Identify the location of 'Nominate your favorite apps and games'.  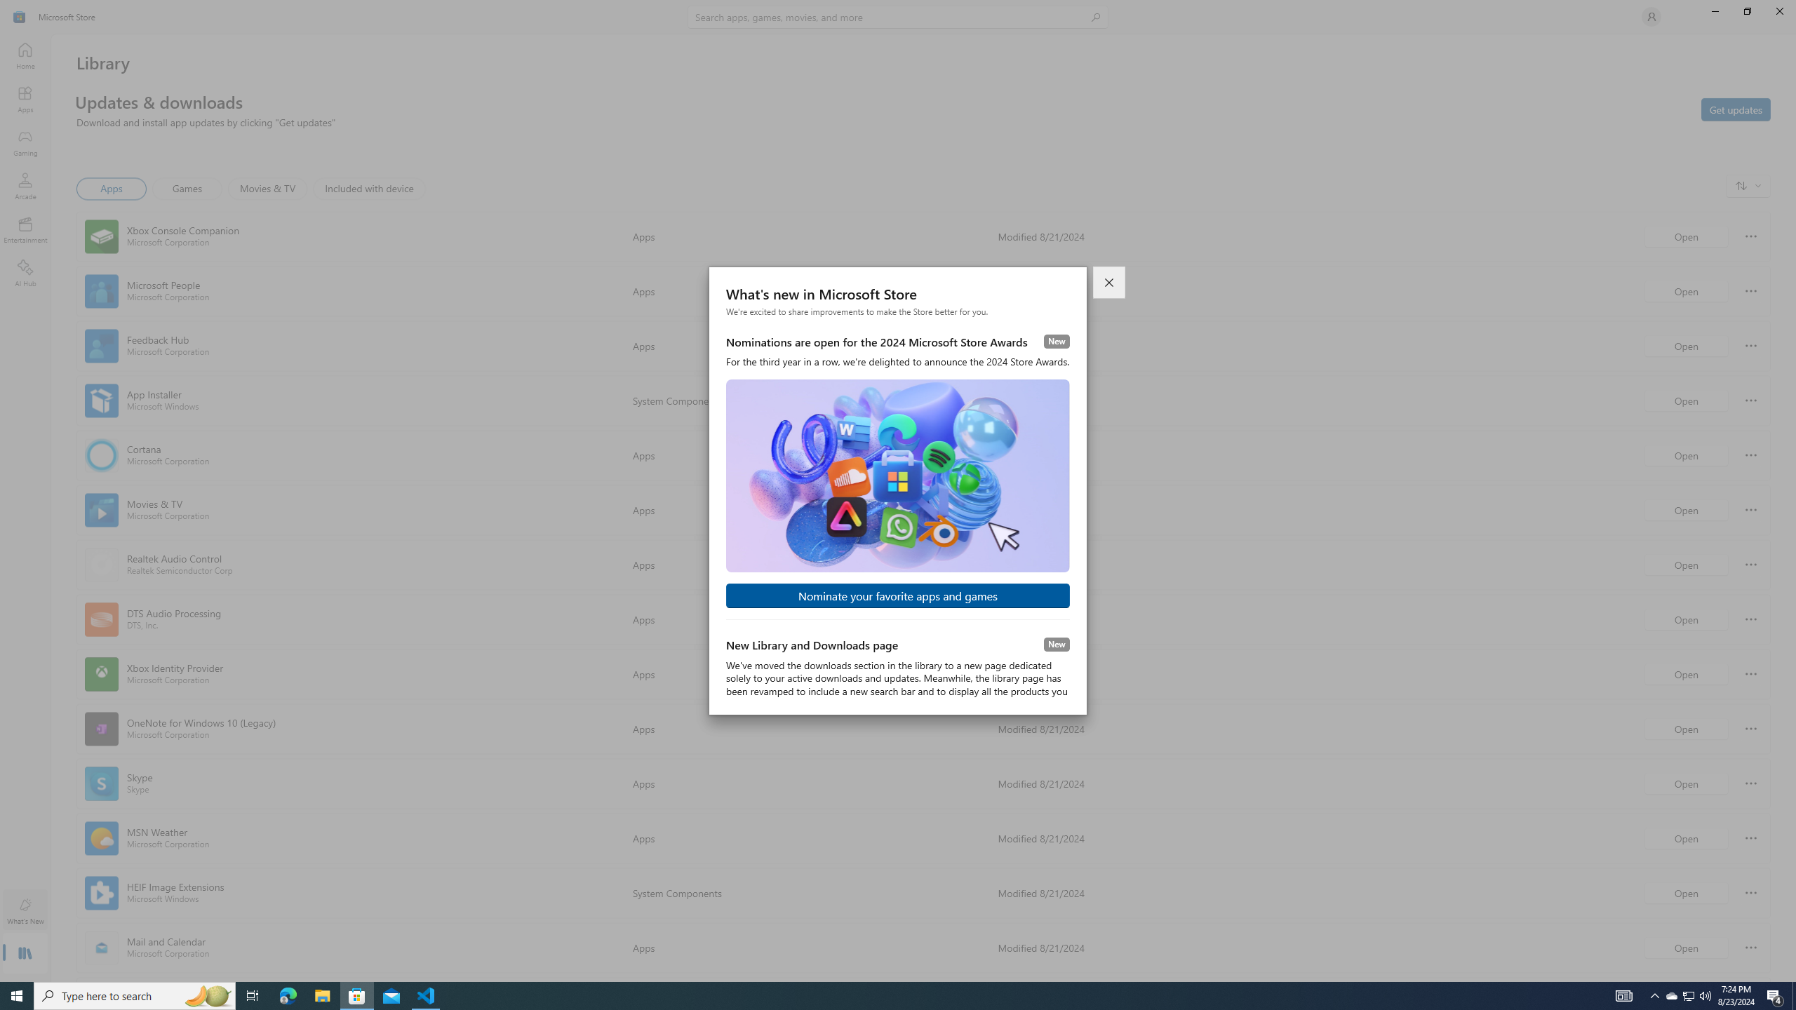
(898, 595).